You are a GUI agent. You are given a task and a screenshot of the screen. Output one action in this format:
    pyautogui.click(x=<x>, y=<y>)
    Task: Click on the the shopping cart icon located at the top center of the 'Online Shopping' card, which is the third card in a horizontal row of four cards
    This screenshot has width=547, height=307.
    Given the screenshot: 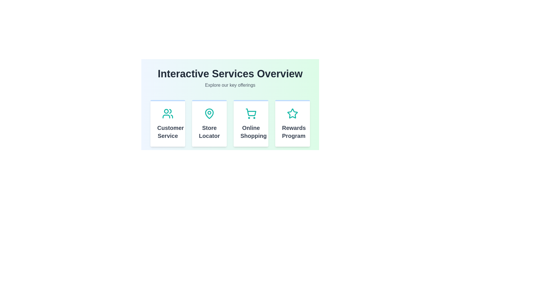 What is the action you would take?
    pyautogui.click(x=251, y=114)
    